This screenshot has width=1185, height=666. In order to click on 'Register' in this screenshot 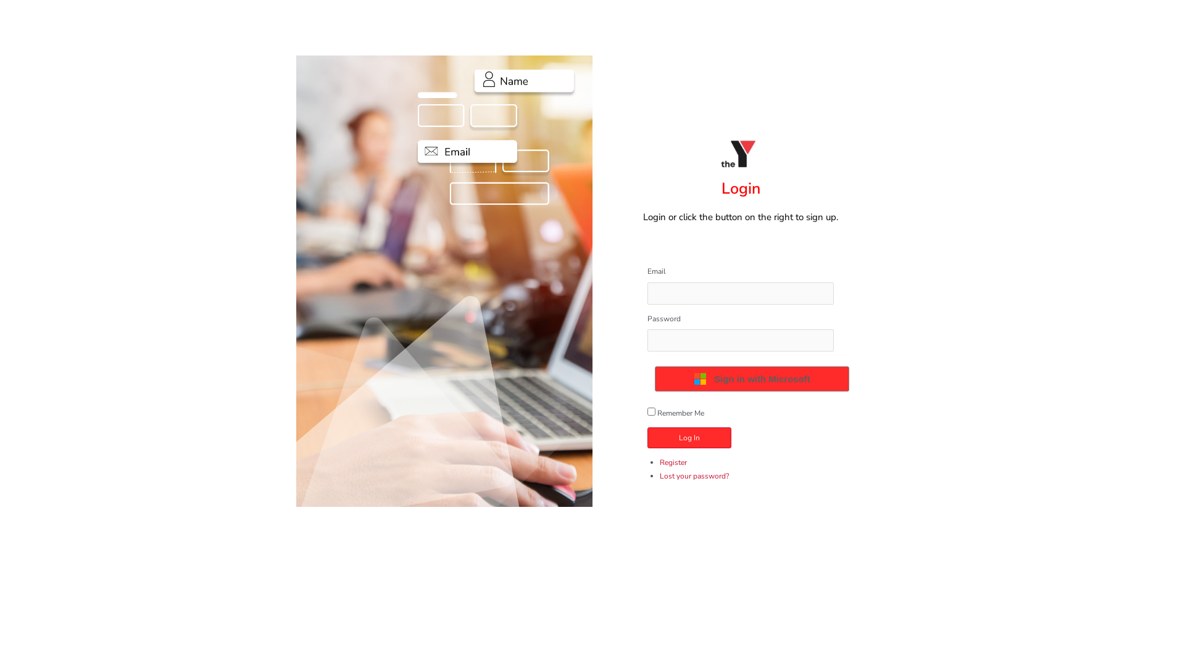, I will do `click(659, 462)`.